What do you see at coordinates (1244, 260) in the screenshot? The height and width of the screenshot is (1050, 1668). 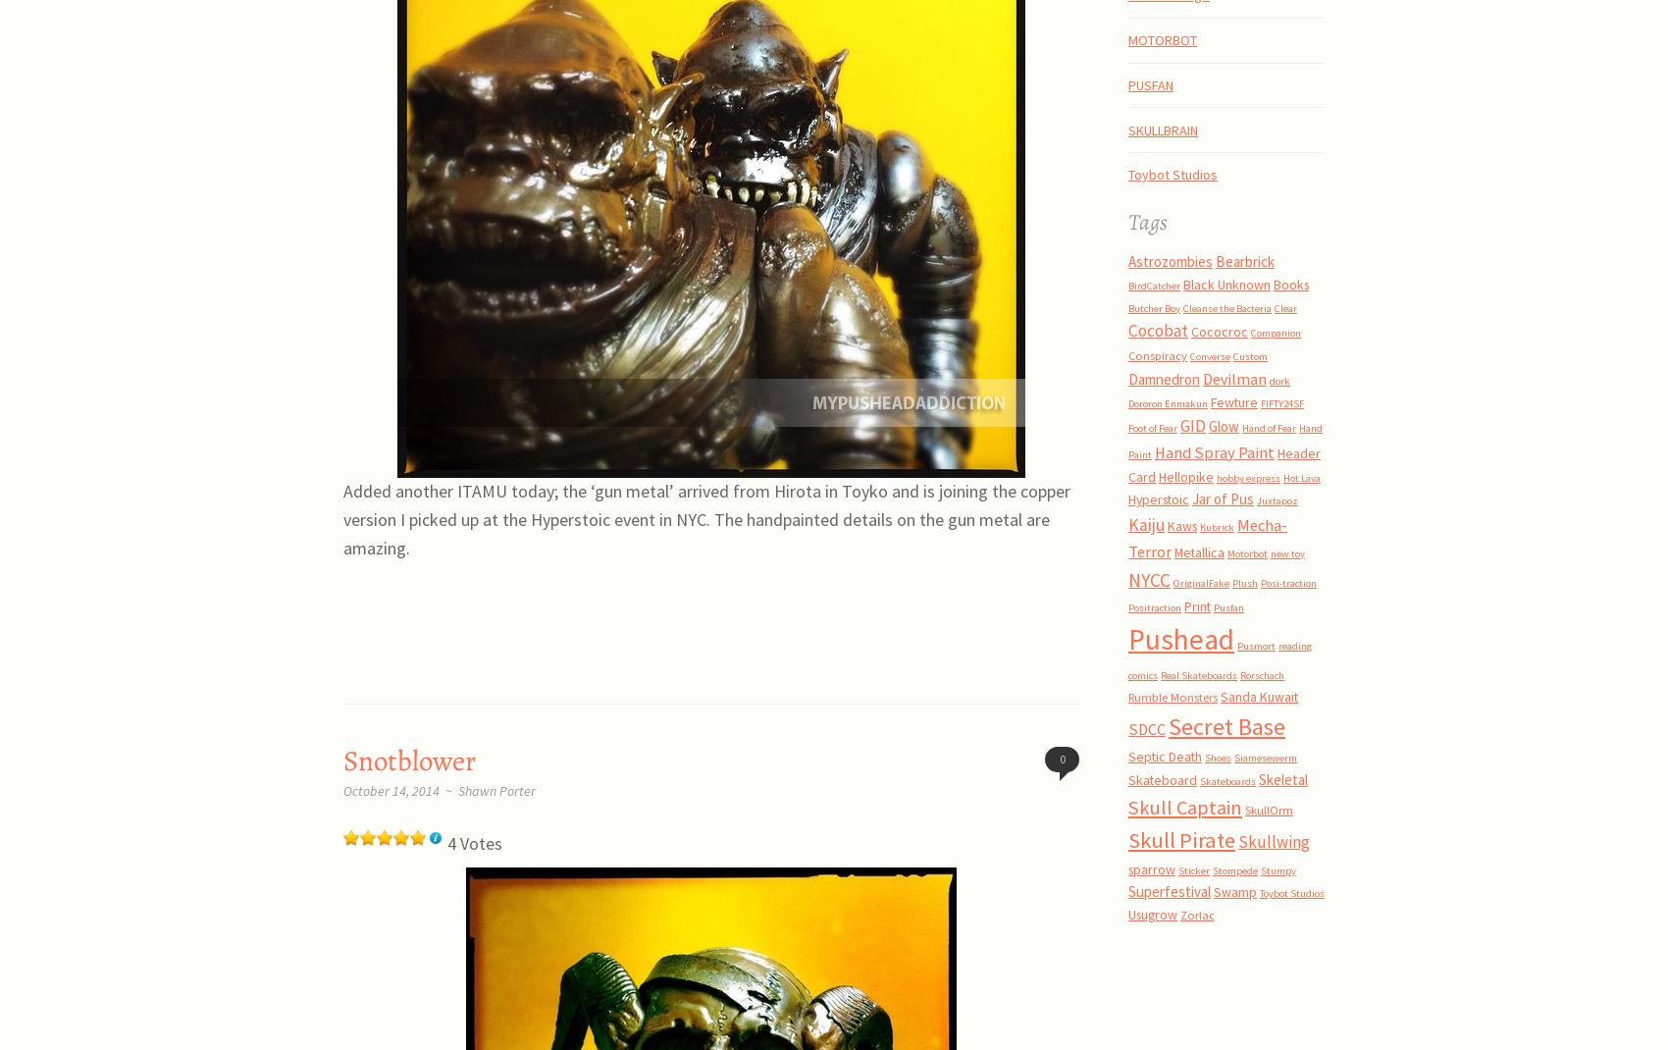 I see `'Bearbrick'` at bounding box center [1244, 260].